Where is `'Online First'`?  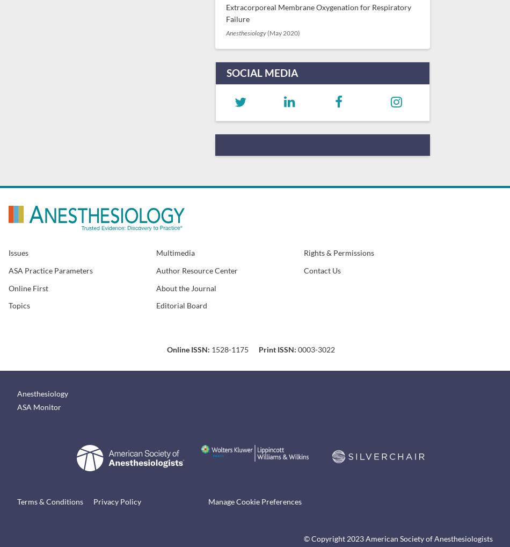 'Online First' is located at coordinates (28, 287).